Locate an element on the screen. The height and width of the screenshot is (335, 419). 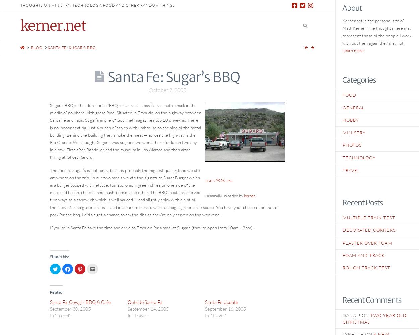
'thoughts on ministry, technology, food and other random things' is located at coordinates (97, 5).